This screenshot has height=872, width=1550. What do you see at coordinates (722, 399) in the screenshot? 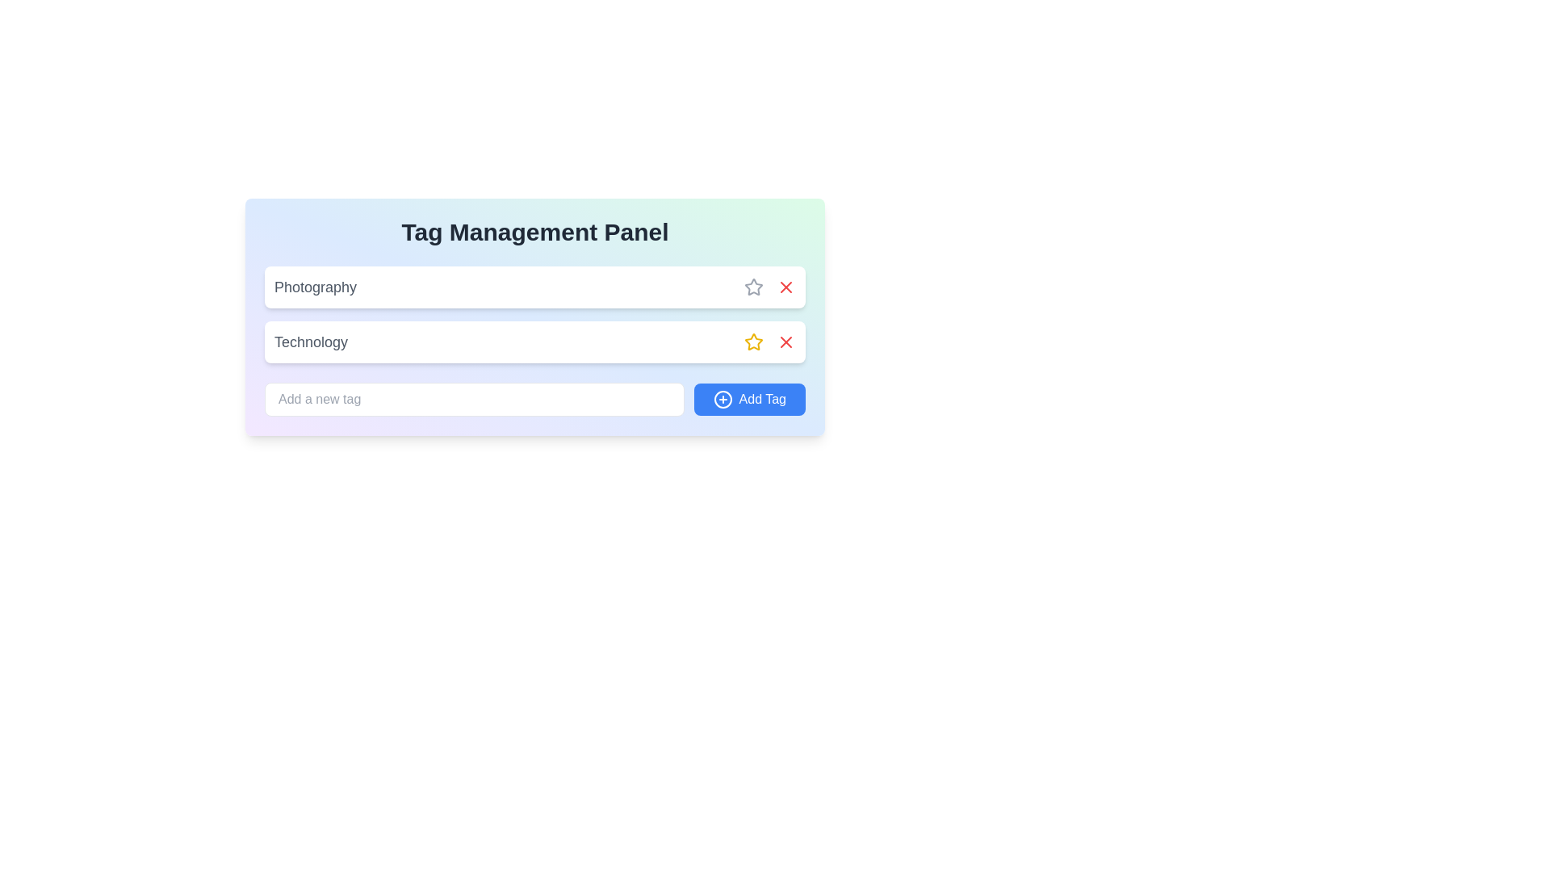
I see `the blue outlined circular SVG element representing the 'Add Tag' button, which is located at the bottom right of the Tag Management Panel` at bounding box center [722, 399].